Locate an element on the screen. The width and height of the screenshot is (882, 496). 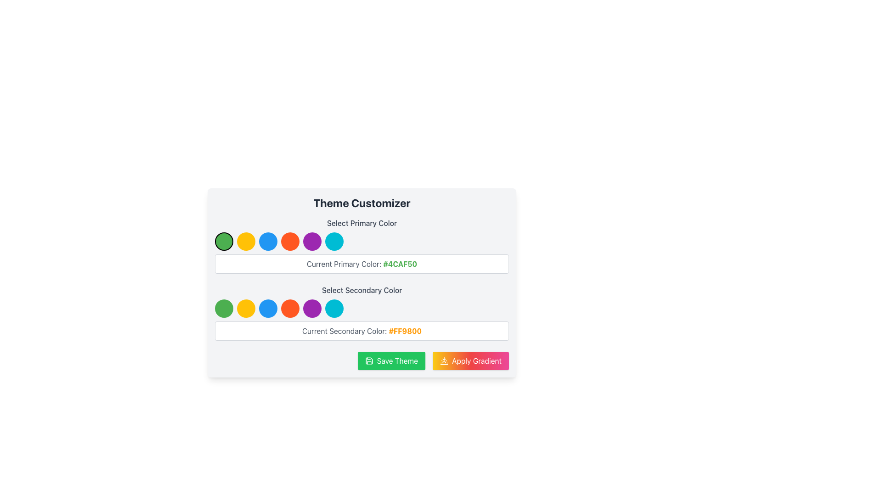
the 'Save Theme' button, which has a green background and white text is located at coordinates (391, 361).